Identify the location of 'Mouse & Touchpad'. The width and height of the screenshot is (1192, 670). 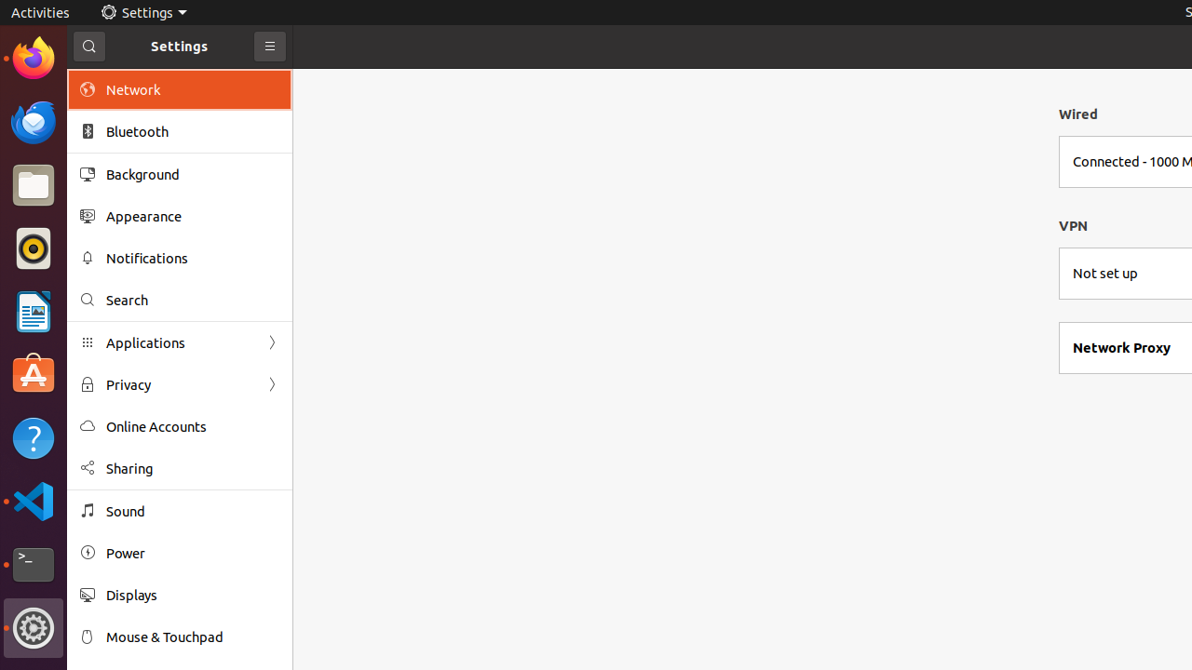
(192, 636).